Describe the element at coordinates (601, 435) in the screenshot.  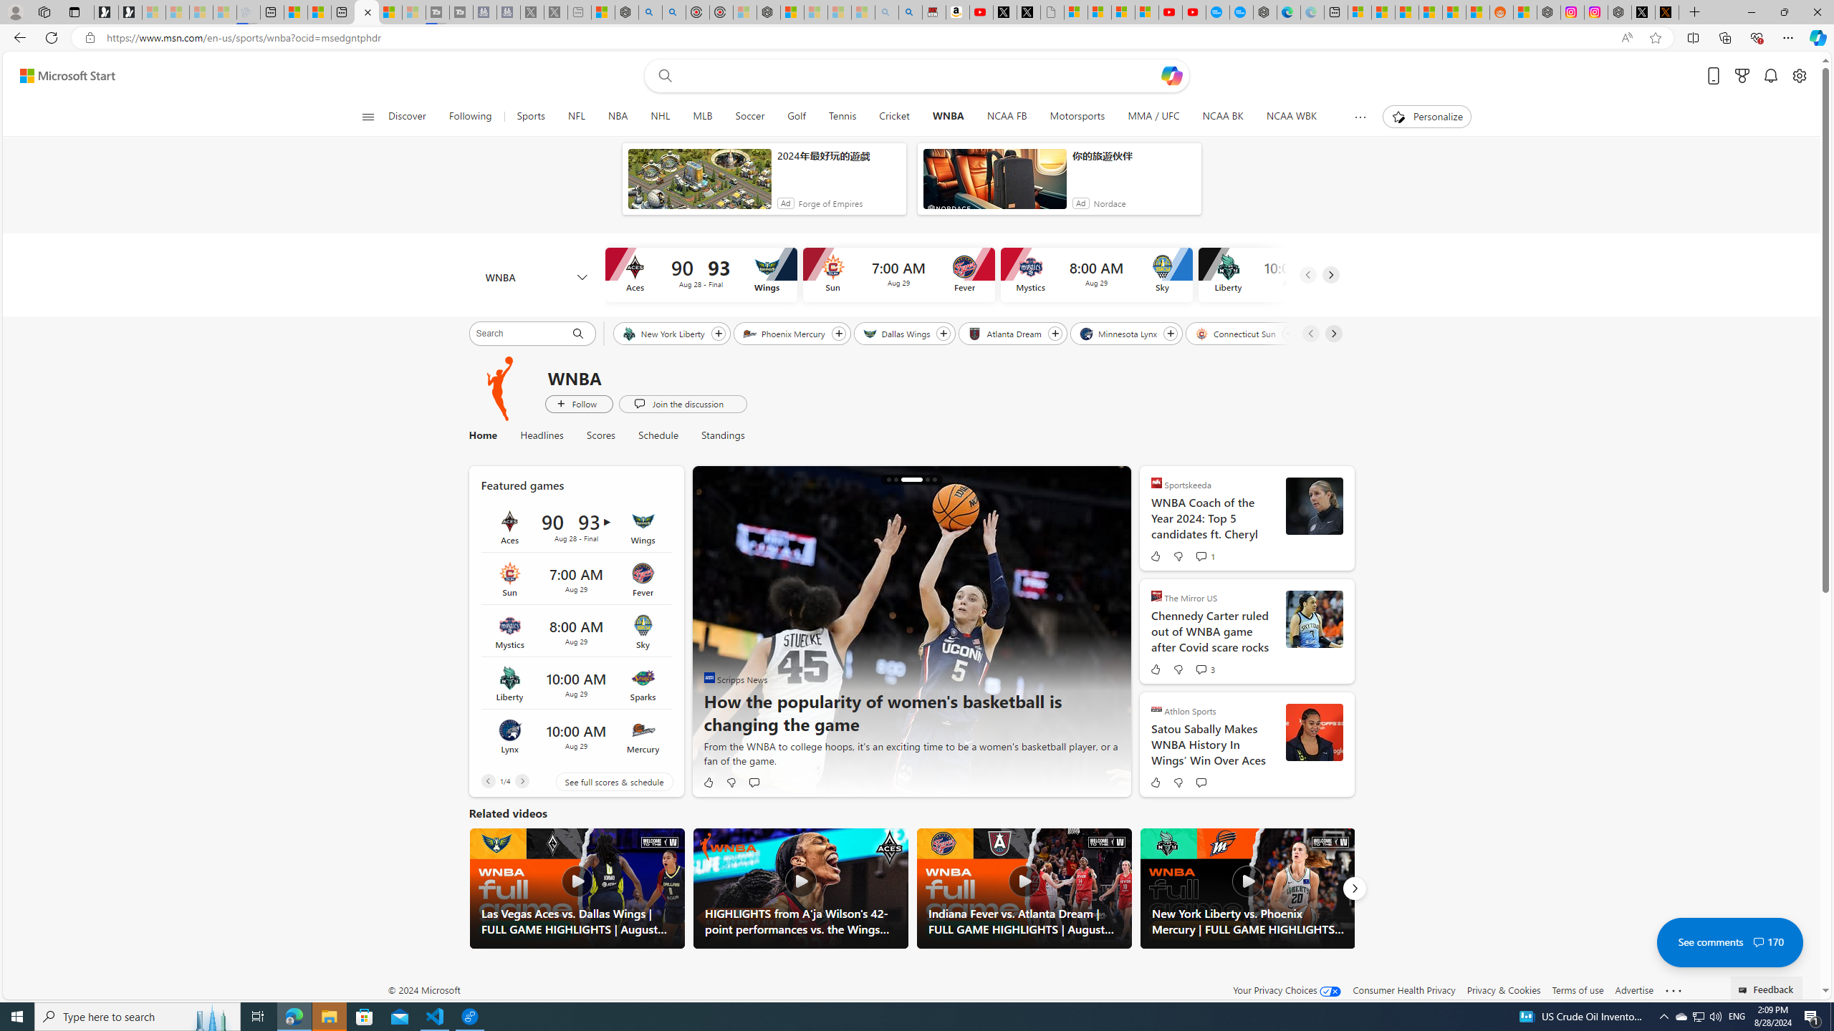
I see `'Scores'` at that location.